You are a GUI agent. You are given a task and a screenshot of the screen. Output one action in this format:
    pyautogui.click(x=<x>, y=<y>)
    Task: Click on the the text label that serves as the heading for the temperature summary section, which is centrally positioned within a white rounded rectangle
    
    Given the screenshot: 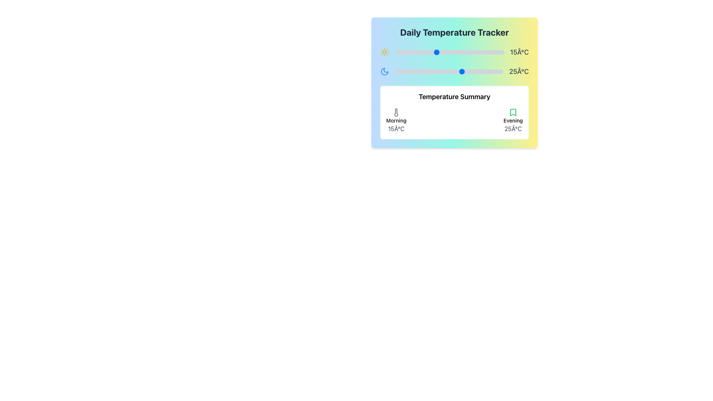 What is the action you would take?
    pyautogui.click(x=454, y=97)
    